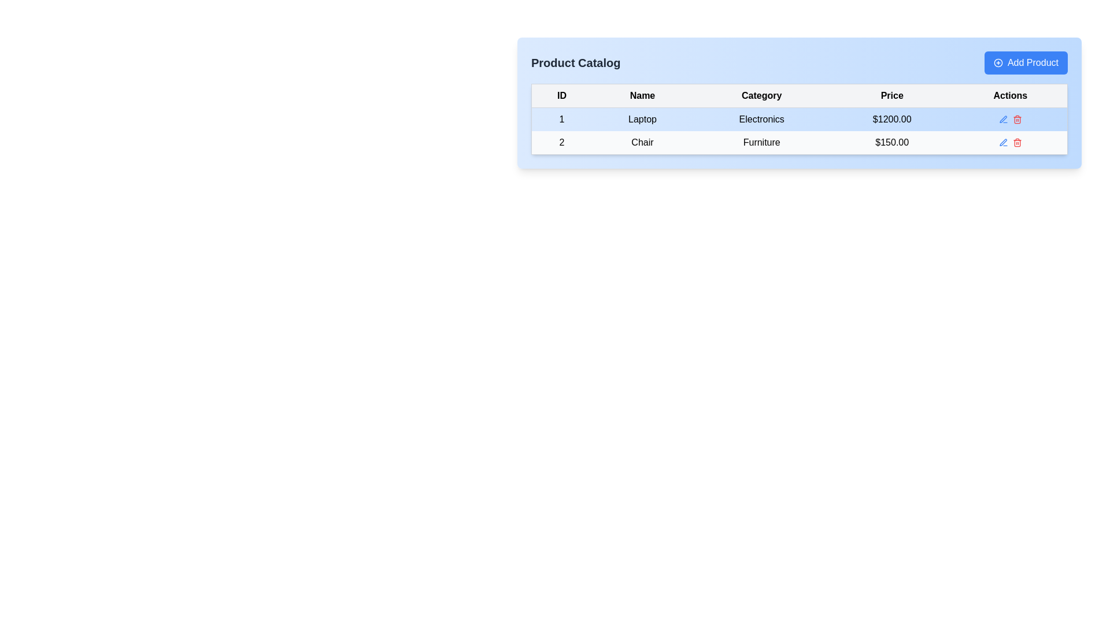 This screenshot has width=1110, height=624. I want to click on text label that identifies the product 'Chair' located in the second row of the 'Product Catalog' table under the 'Name' column, so click(642, 142).